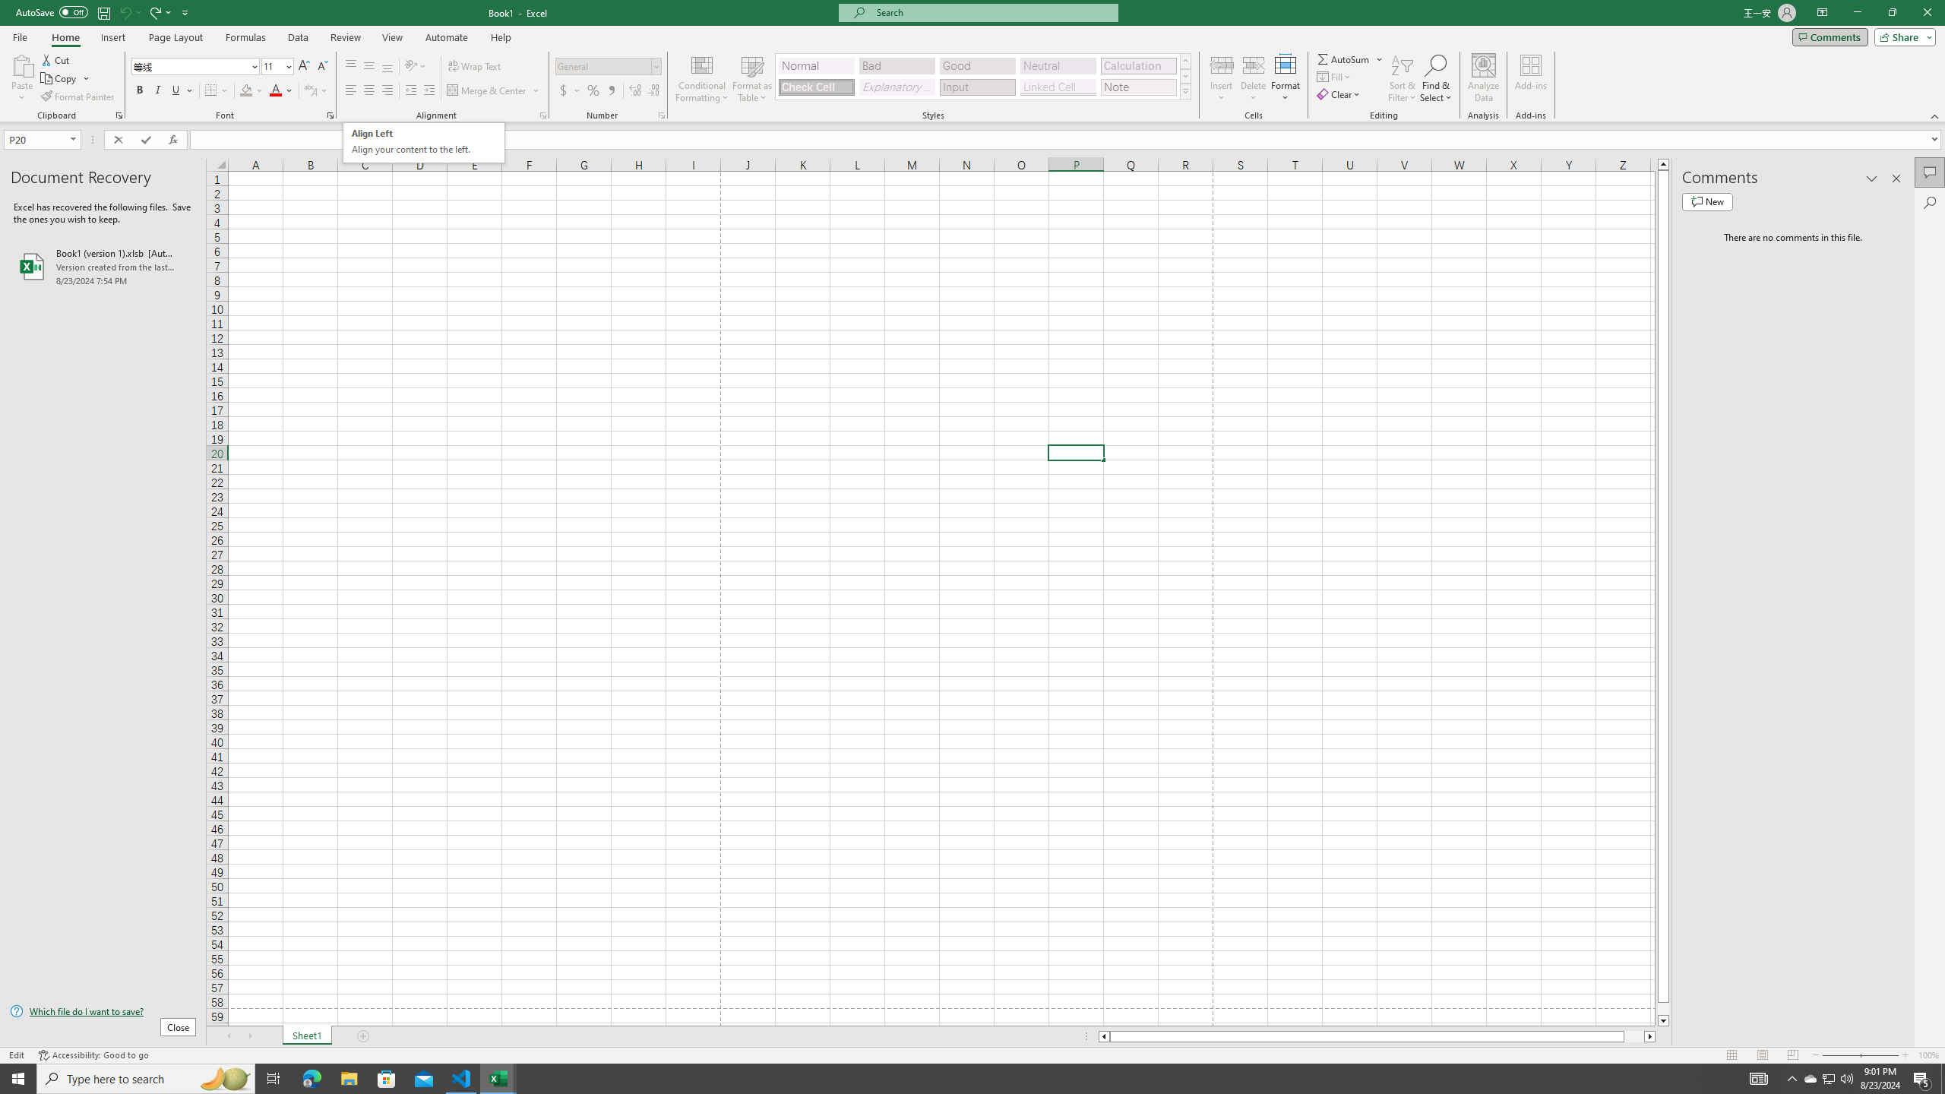 This screenshot has width=1945, height=1094. Describe the element at coordinates (1929, 203) in the screenshot. I see `'Search'` at that location.